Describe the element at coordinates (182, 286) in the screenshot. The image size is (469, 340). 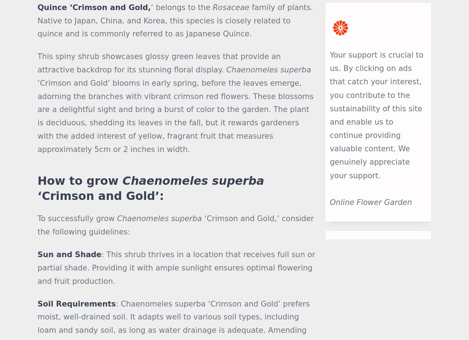
I see `'Climbers'` at that location.